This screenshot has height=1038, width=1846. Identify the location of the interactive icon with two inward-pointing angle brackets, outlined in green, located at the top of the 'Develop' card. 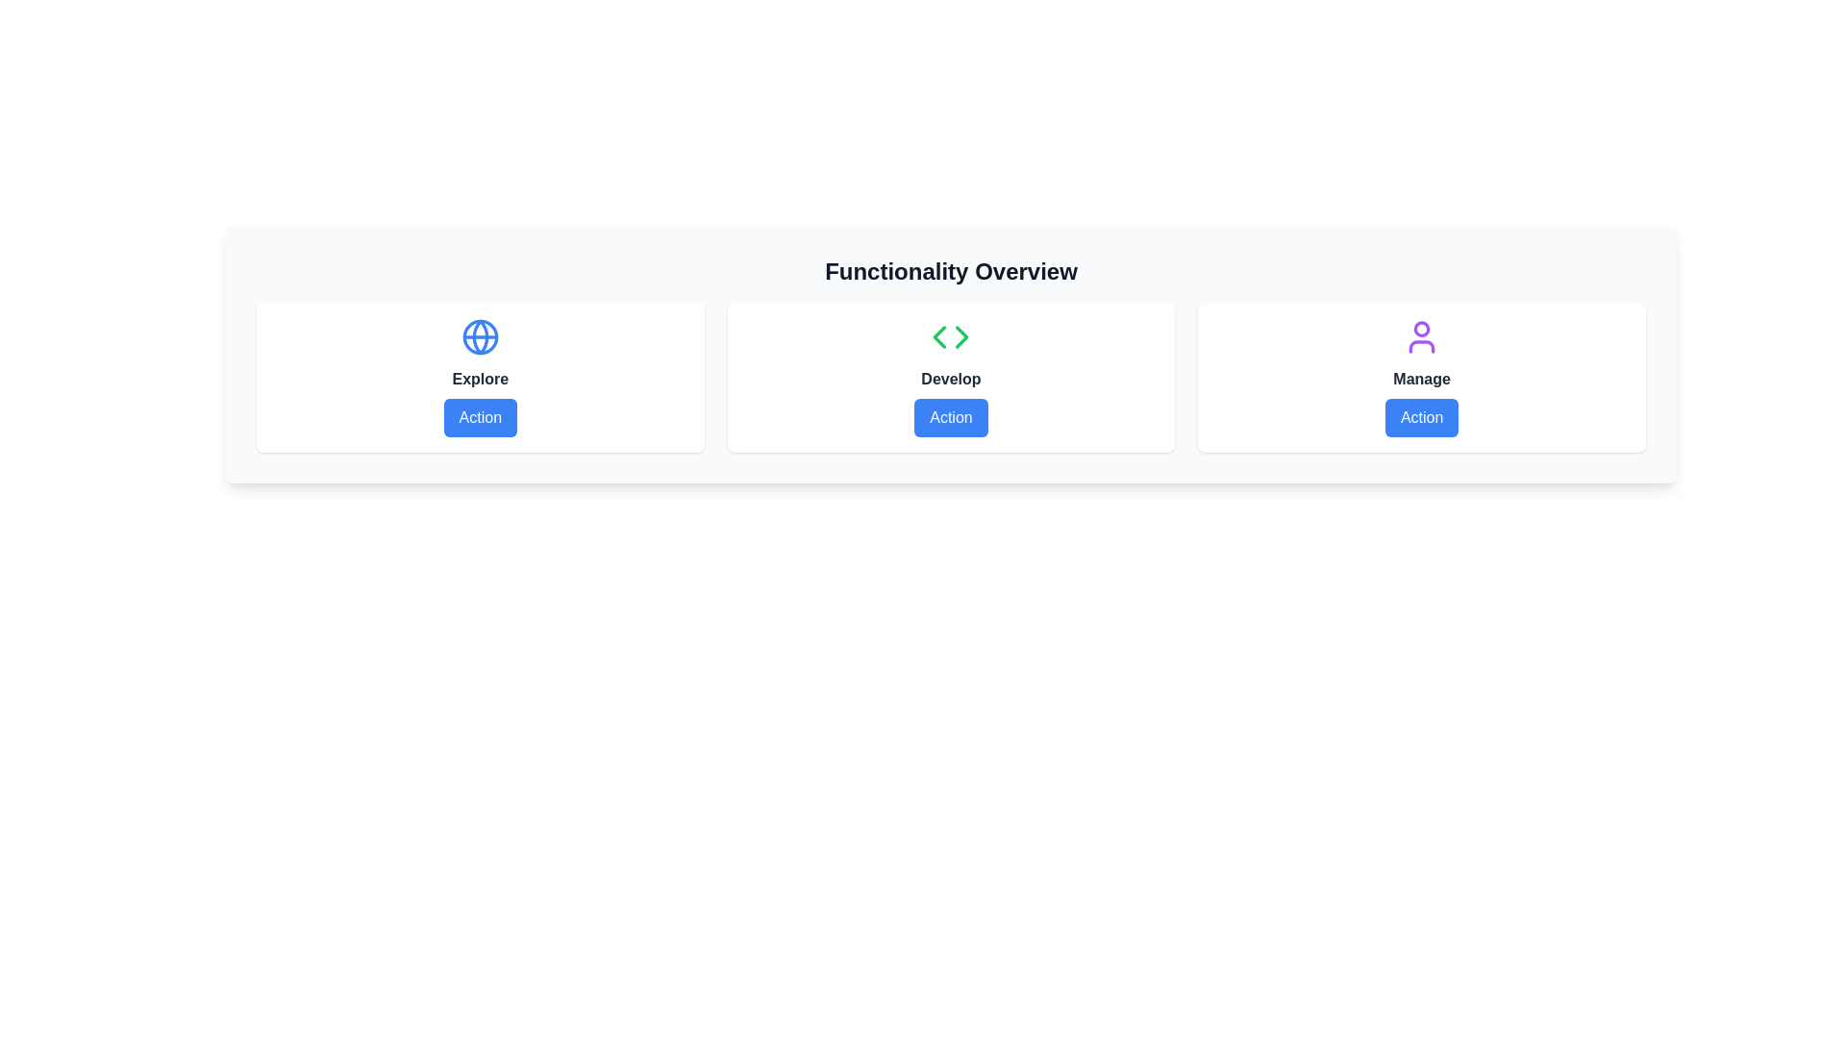
(951, 336).